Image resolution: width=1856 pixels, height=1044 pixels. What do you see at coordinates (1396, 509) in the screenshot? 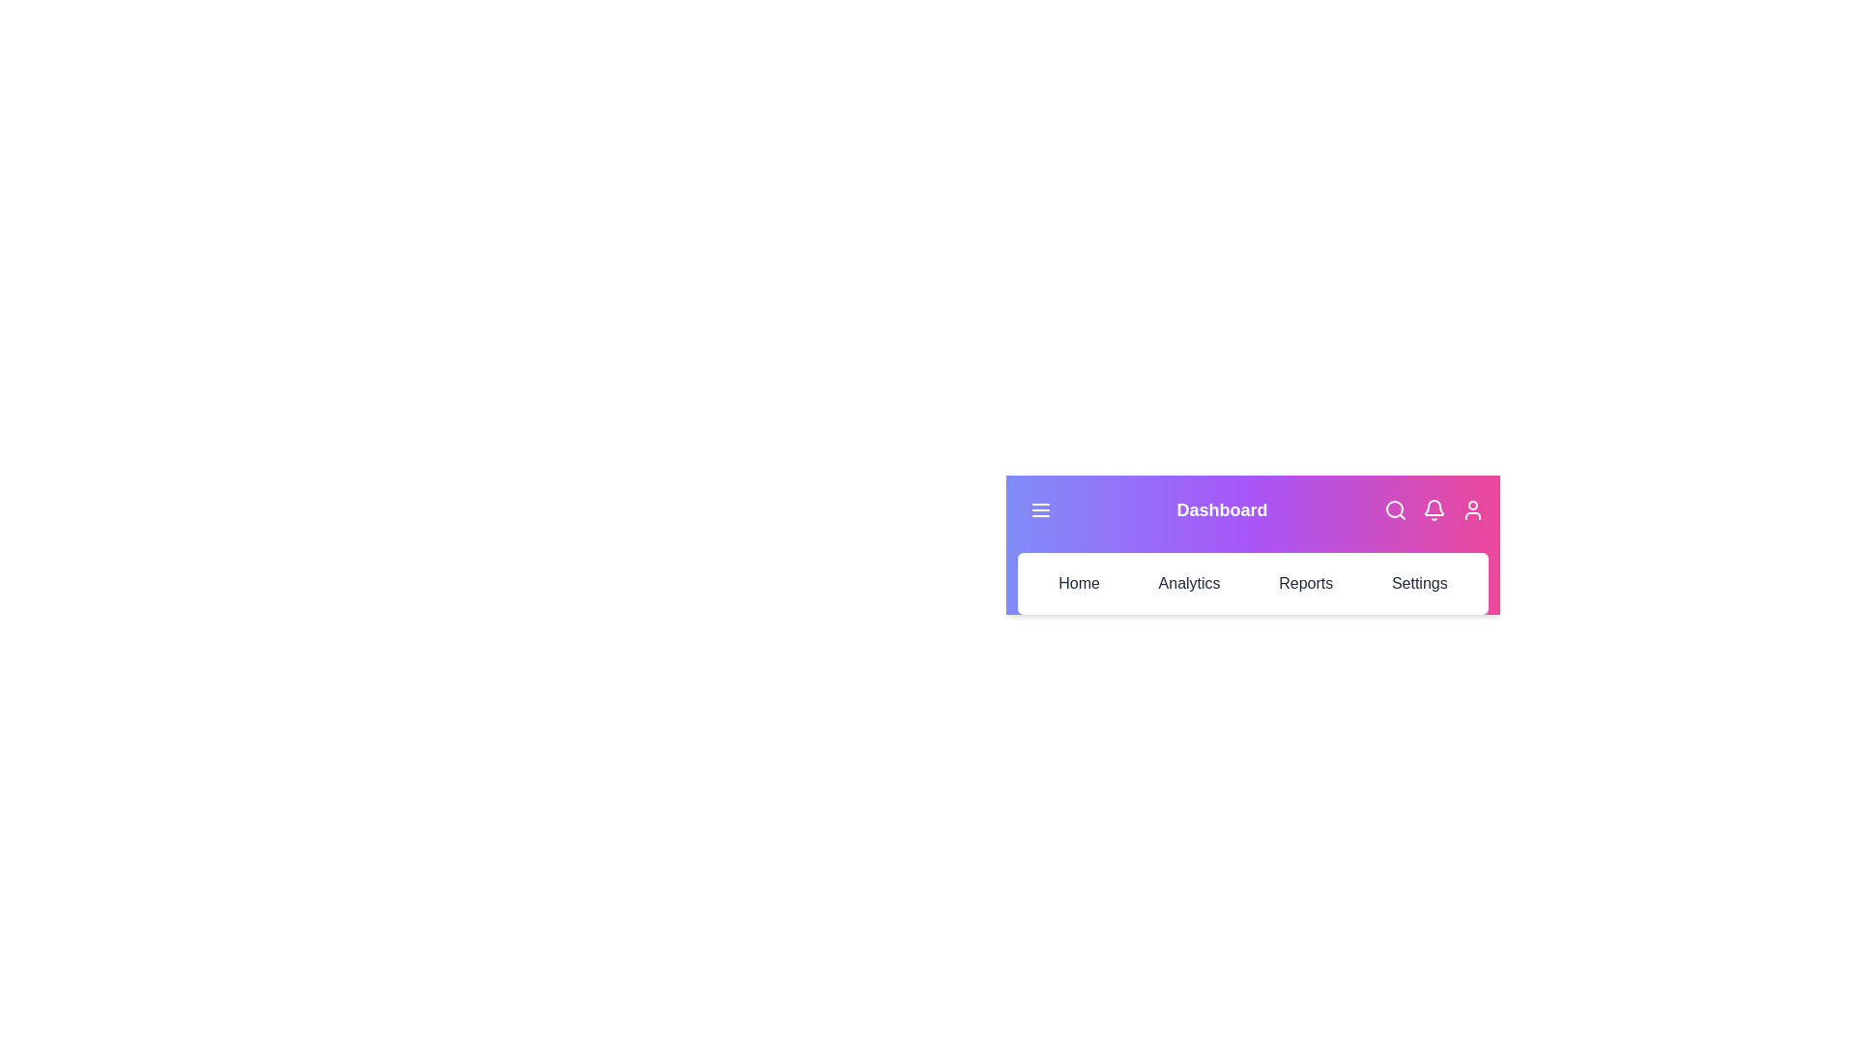
I see `the search icon to initiate a search action` at bounding box center [1396, 509].